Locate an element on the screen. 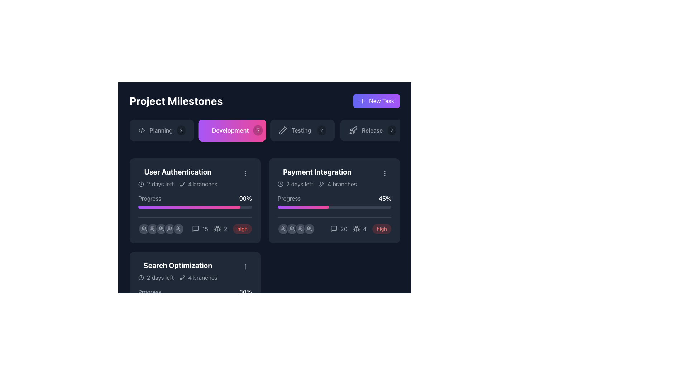  the rectangular button labeled 'Testing' with a dark background and light gray text is located at coordinates (302, 130).